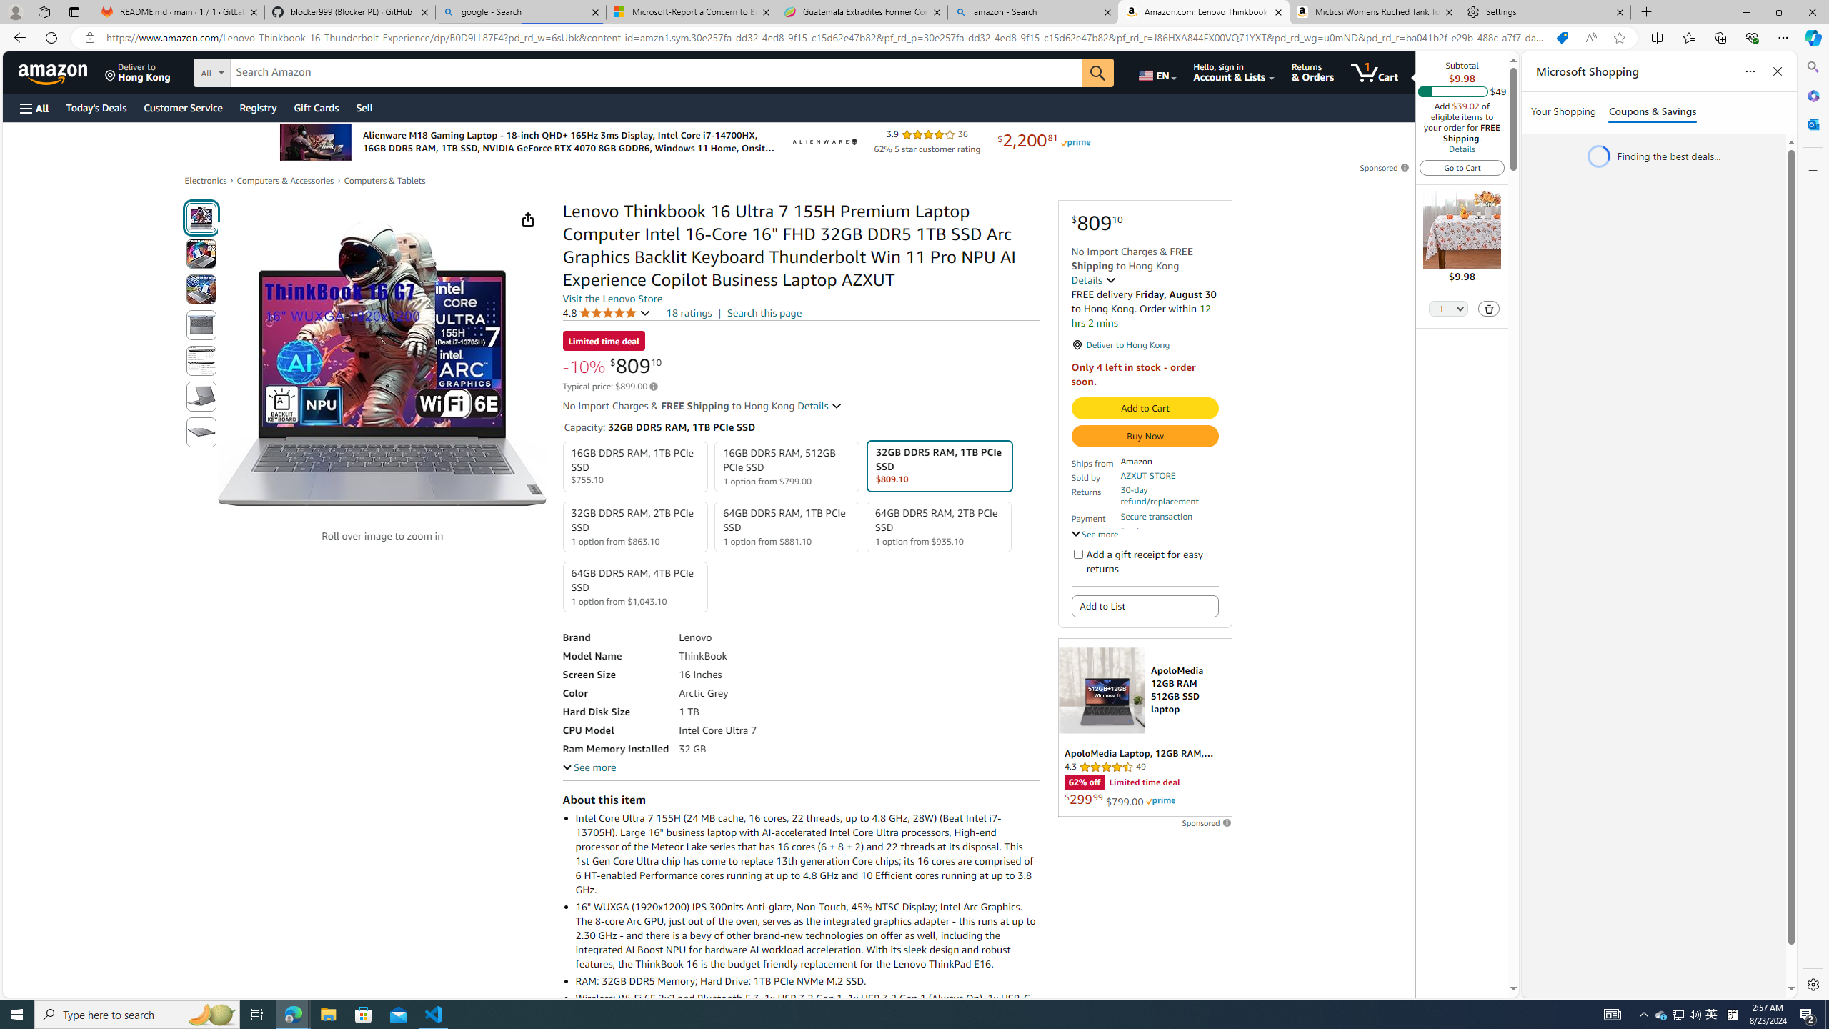  I want to click on 'Deliver to Hong Kong', so click(137, 71).